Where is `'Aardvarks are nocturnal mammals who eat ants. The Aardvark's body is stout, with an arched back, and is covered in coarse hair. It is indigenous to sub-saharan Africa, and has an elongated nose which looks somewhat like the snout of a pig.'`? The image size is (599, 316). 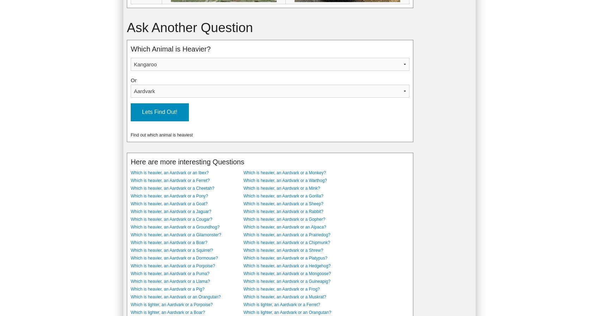 'Aardvarks are nocturnal mammals who eat ants. The Aardvark's body is stout, with an arched back, and is covered in coarse hair. It is indigenous to sub-saharan Africa, and has an elongated nose which looks somewhat like the snout of a pig.' is located at coordinates (276, 81).